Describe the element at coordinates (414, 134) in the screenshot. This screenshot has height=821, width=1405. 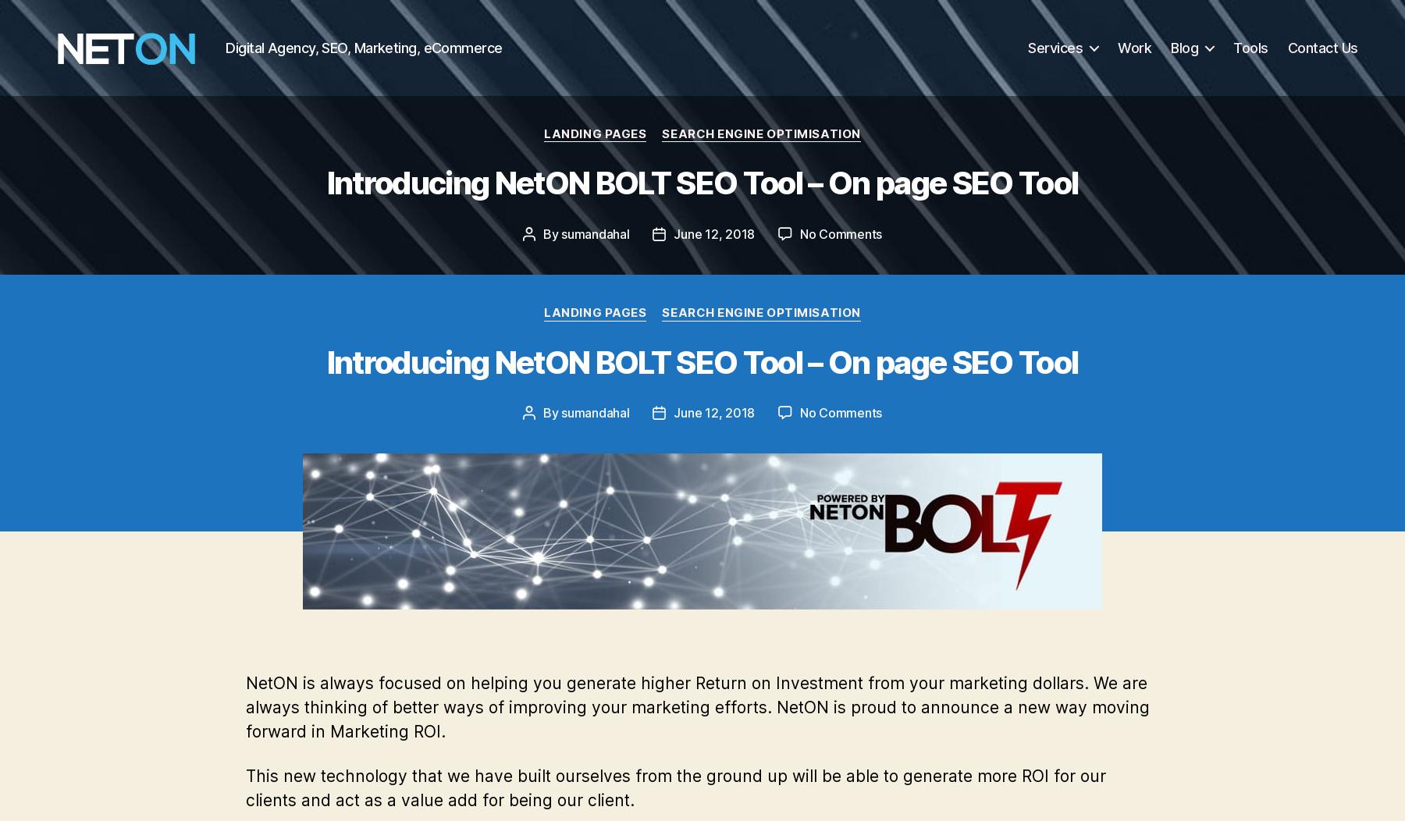
I see `'Checking of Code vs Text ratio in pages'` at that location.